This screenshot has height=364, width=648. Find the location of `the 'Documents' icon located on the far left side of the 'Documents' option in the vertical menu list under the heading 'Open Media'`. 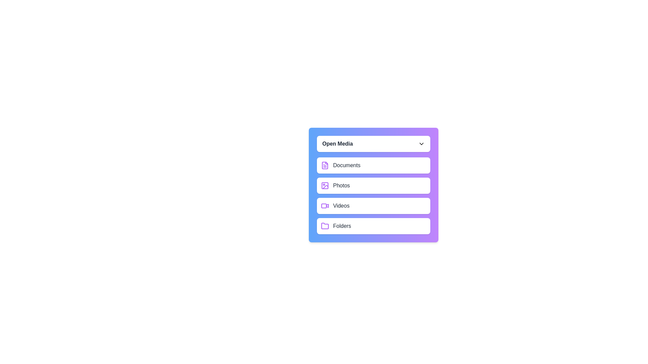

the 'Documents' icon located on the far left side of the 'Documents' option in the vertical menu list under the heading 'Open Media' is located at coordinates (325, 165).